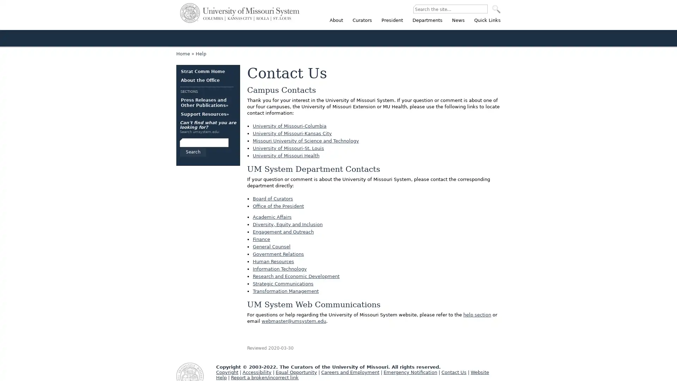 Image resolution: width=677 pixels, height=381 pixels. What do you see at coordinates (193, 151) in the screenshot?
I see `Search` at bounding box center [193, 151].